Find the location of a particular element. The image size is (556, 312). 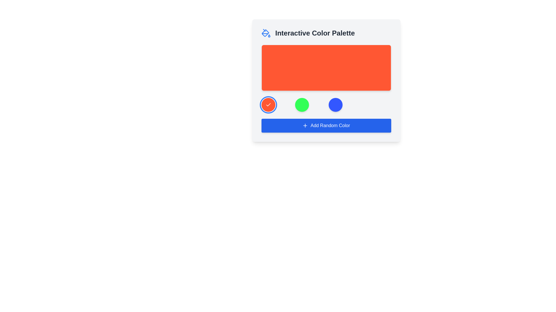

the green color selection button, which is the second circular element in a row of four, located beneath the main panel with an orange rectangle is located at coordinates (301, 105).